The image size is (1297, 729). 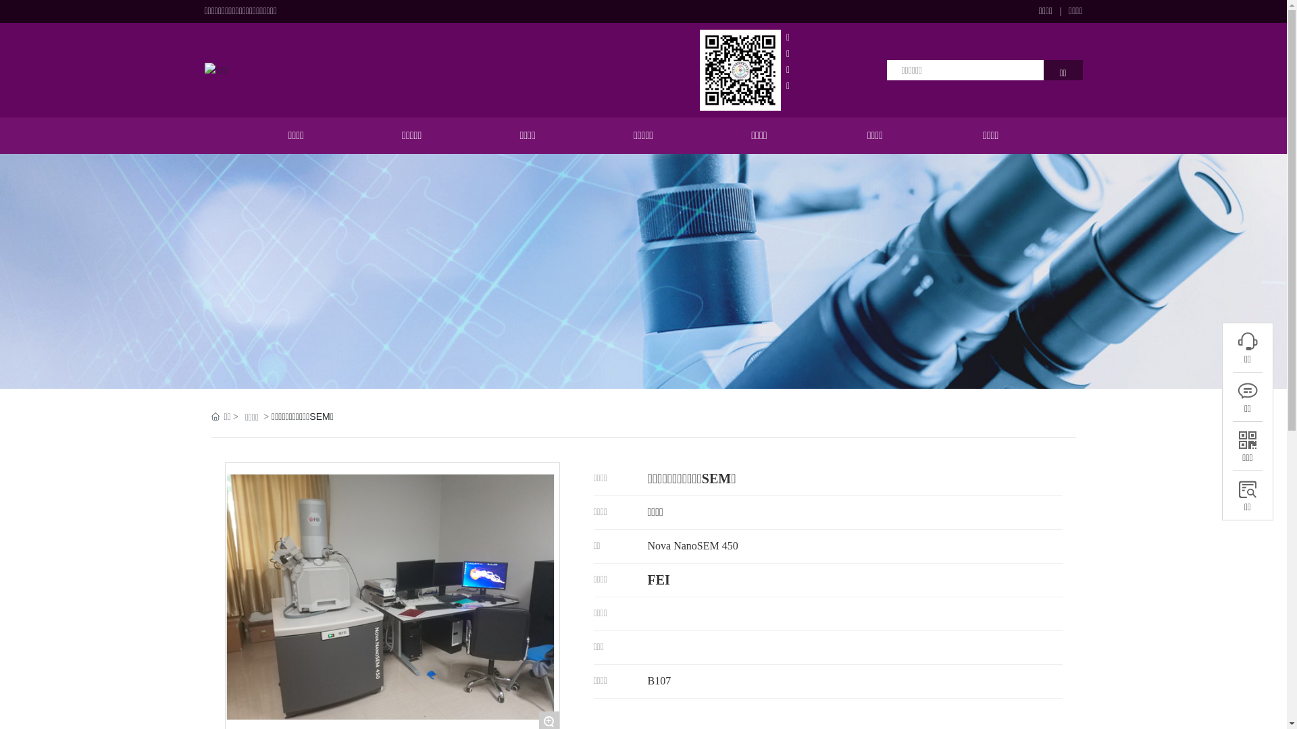 What do you see at coordinates (1246, 489) in the screenshot?
I see `'112'` at bounding box center [1246, 489].